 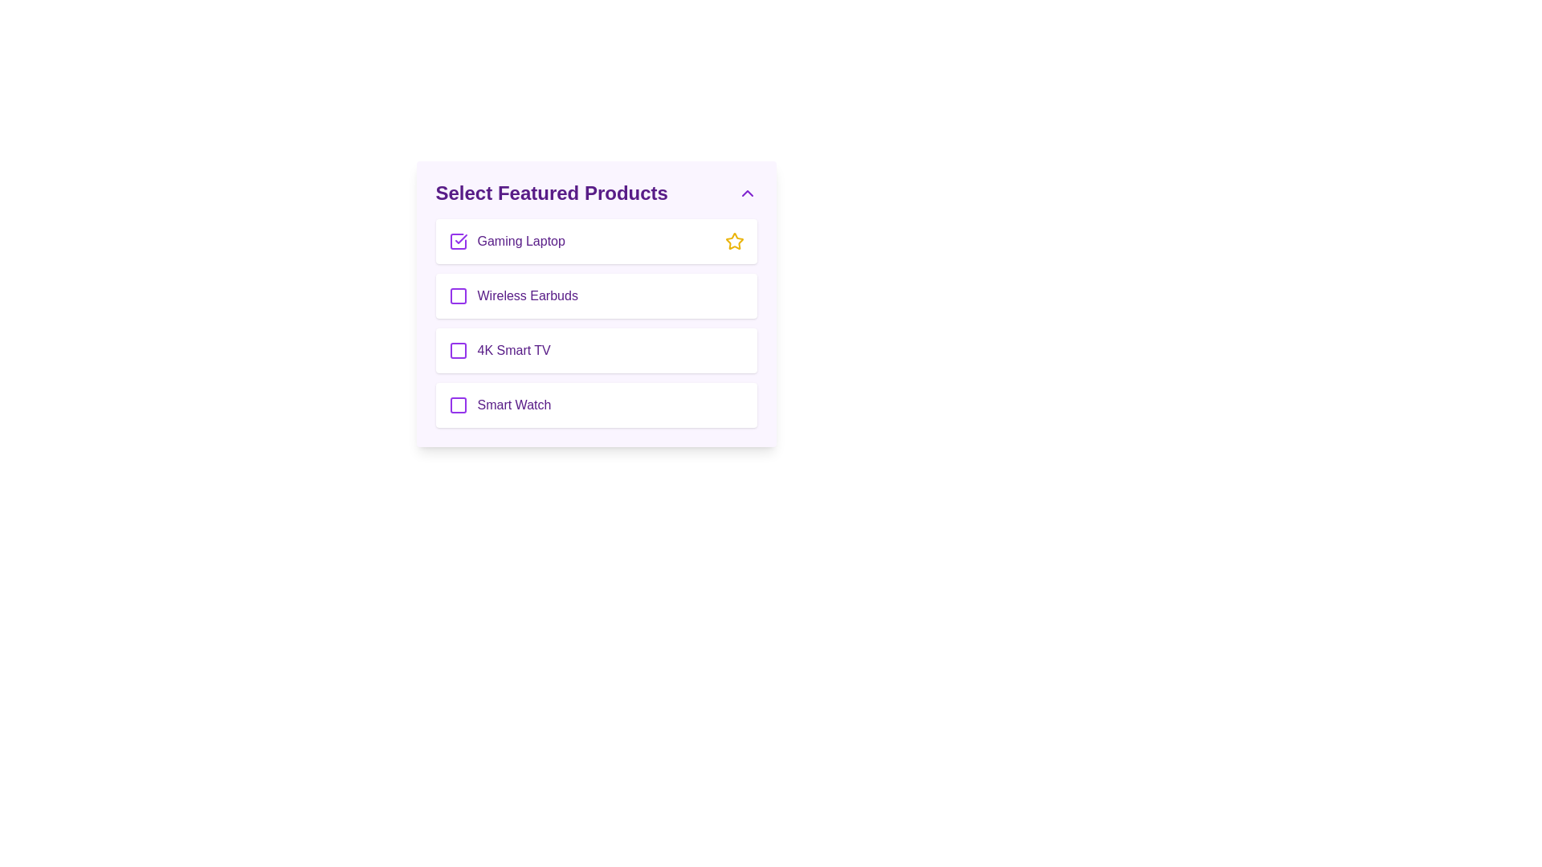 I want to click on the second product option checkbox labeled 'Wireless Earbuds', so click(x=595, y=303).